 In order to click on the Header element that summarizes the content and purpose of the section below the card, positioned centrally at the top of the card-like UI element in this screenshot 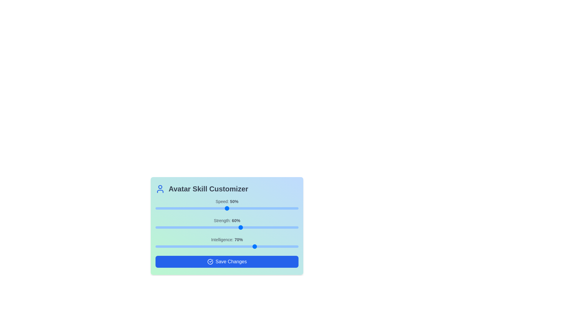, I will do `click(227, 189)`.